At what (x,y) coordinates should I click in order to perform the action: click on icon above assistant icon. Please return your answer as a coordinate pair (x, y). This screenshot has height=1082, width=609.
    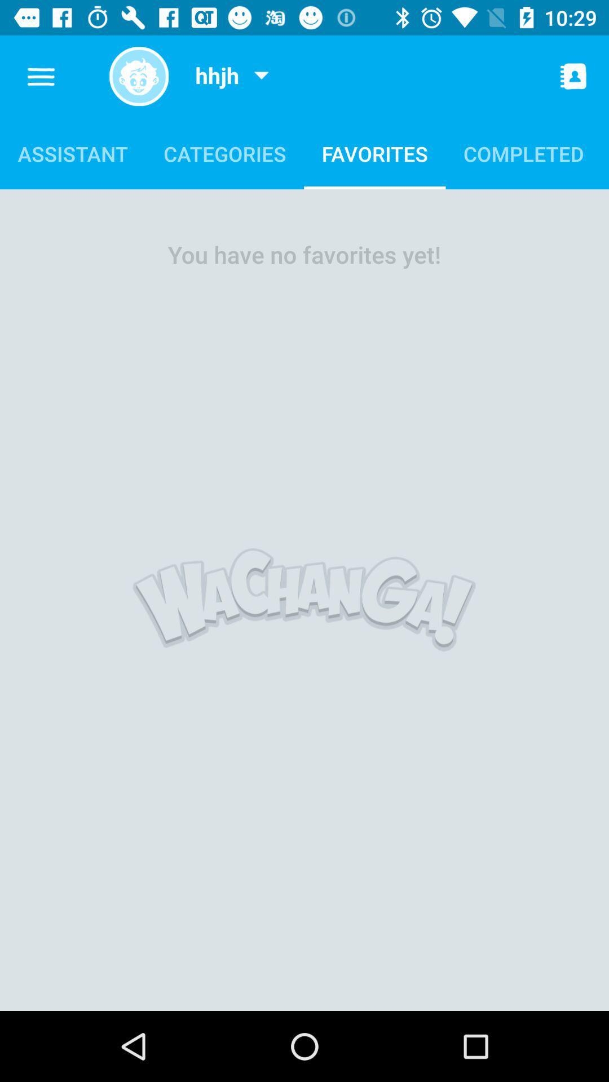
    Looking at the image, I should click on (41, 76).